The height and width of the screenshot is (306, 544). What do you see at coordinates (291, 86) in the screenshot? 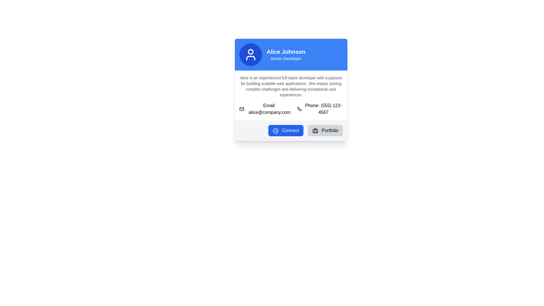
I see `the descriptive text about the user's skills and professional background by clicking on it` at bounding box center [291, 86].